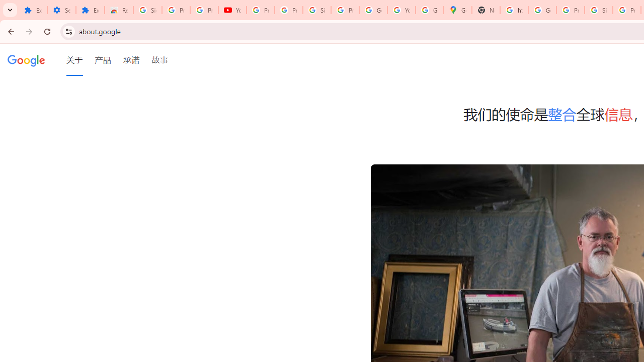 The image size is (644, 362). I want to click on 'Extensions', so click(33, 10).